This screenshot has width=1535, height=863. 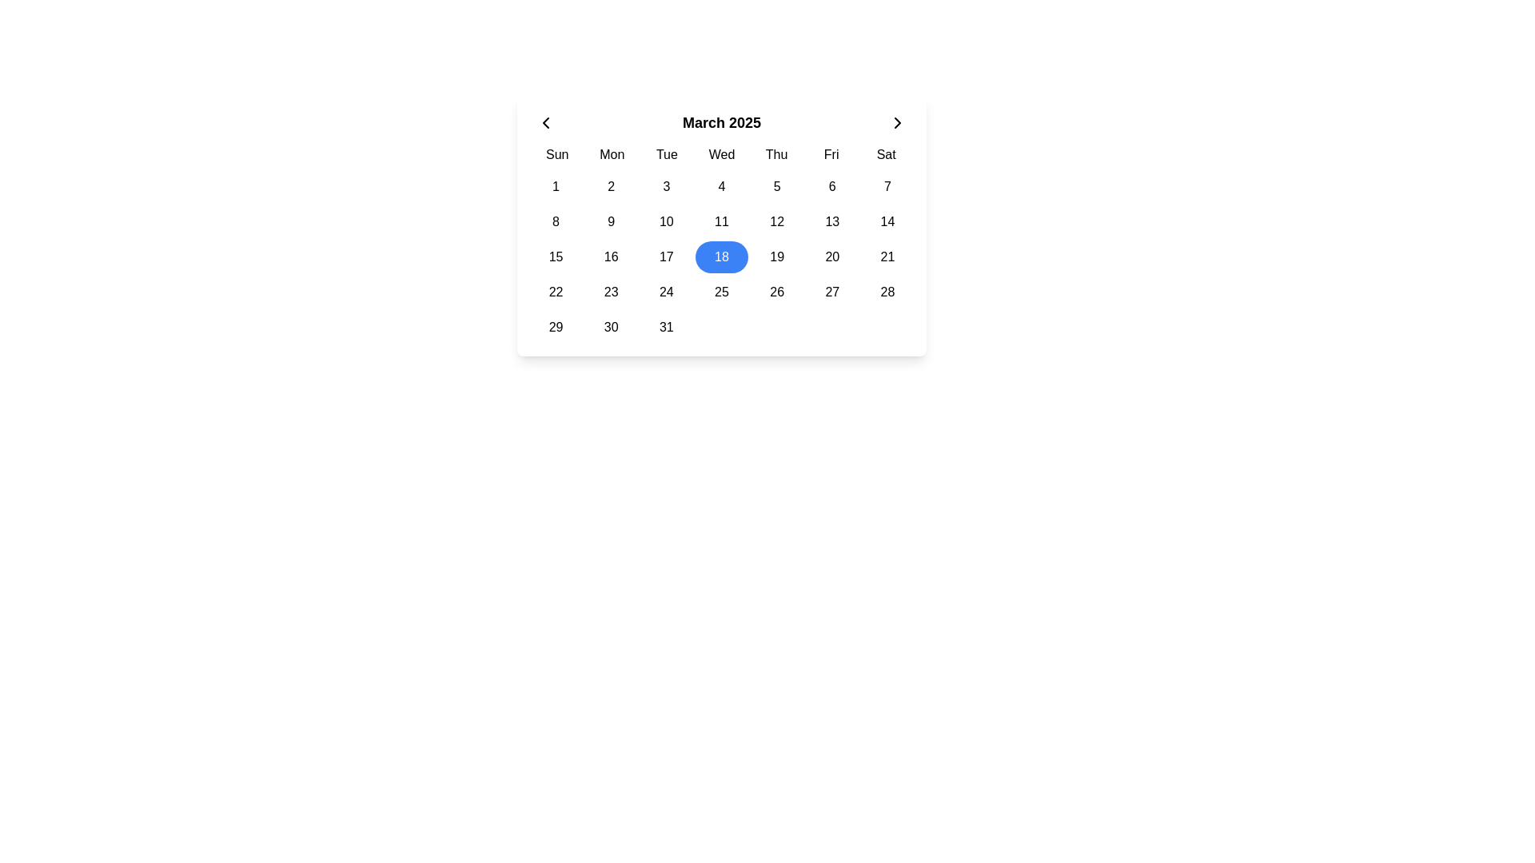 What do you see at coordinates (666, 221) in the screenshot?
I see `the selectable button for the date '10'` at bounding box center [666, 221].